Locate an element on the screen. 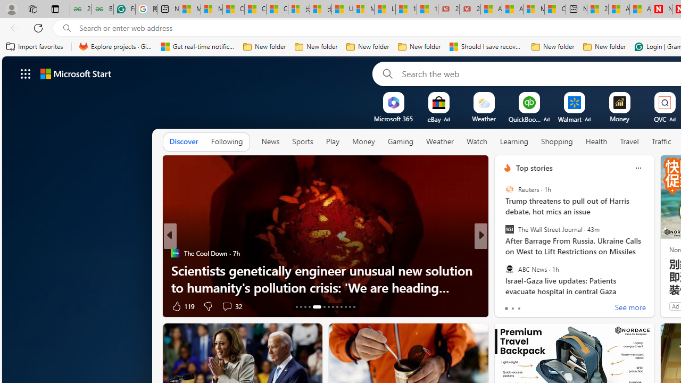 This screenshot has height=383, width=681. 'ABC News' is located at coordinates (509, 268).